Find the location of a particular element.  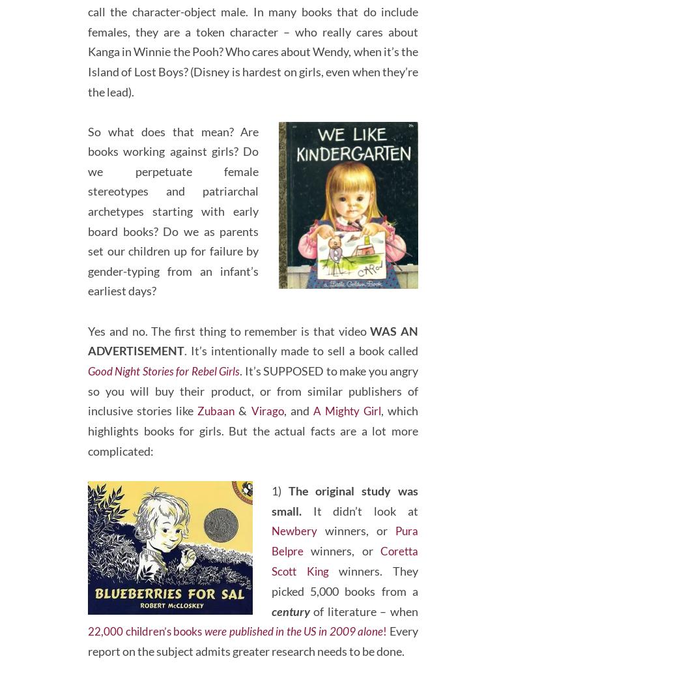

'1)' is located at coordinates (279, 508).